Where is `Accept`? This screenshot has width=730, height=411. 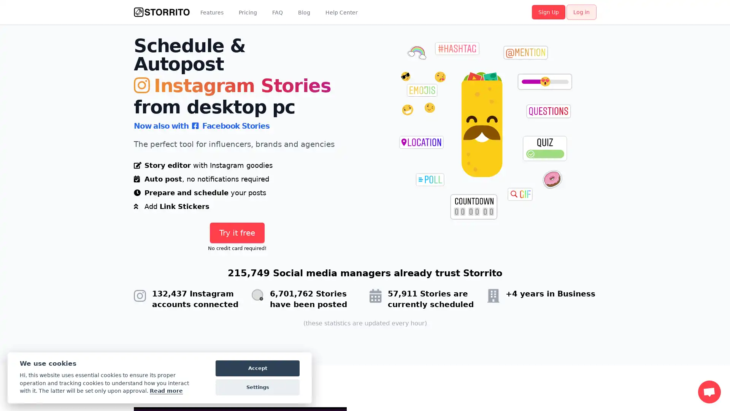 Accept is located at coordinates (257, 368).